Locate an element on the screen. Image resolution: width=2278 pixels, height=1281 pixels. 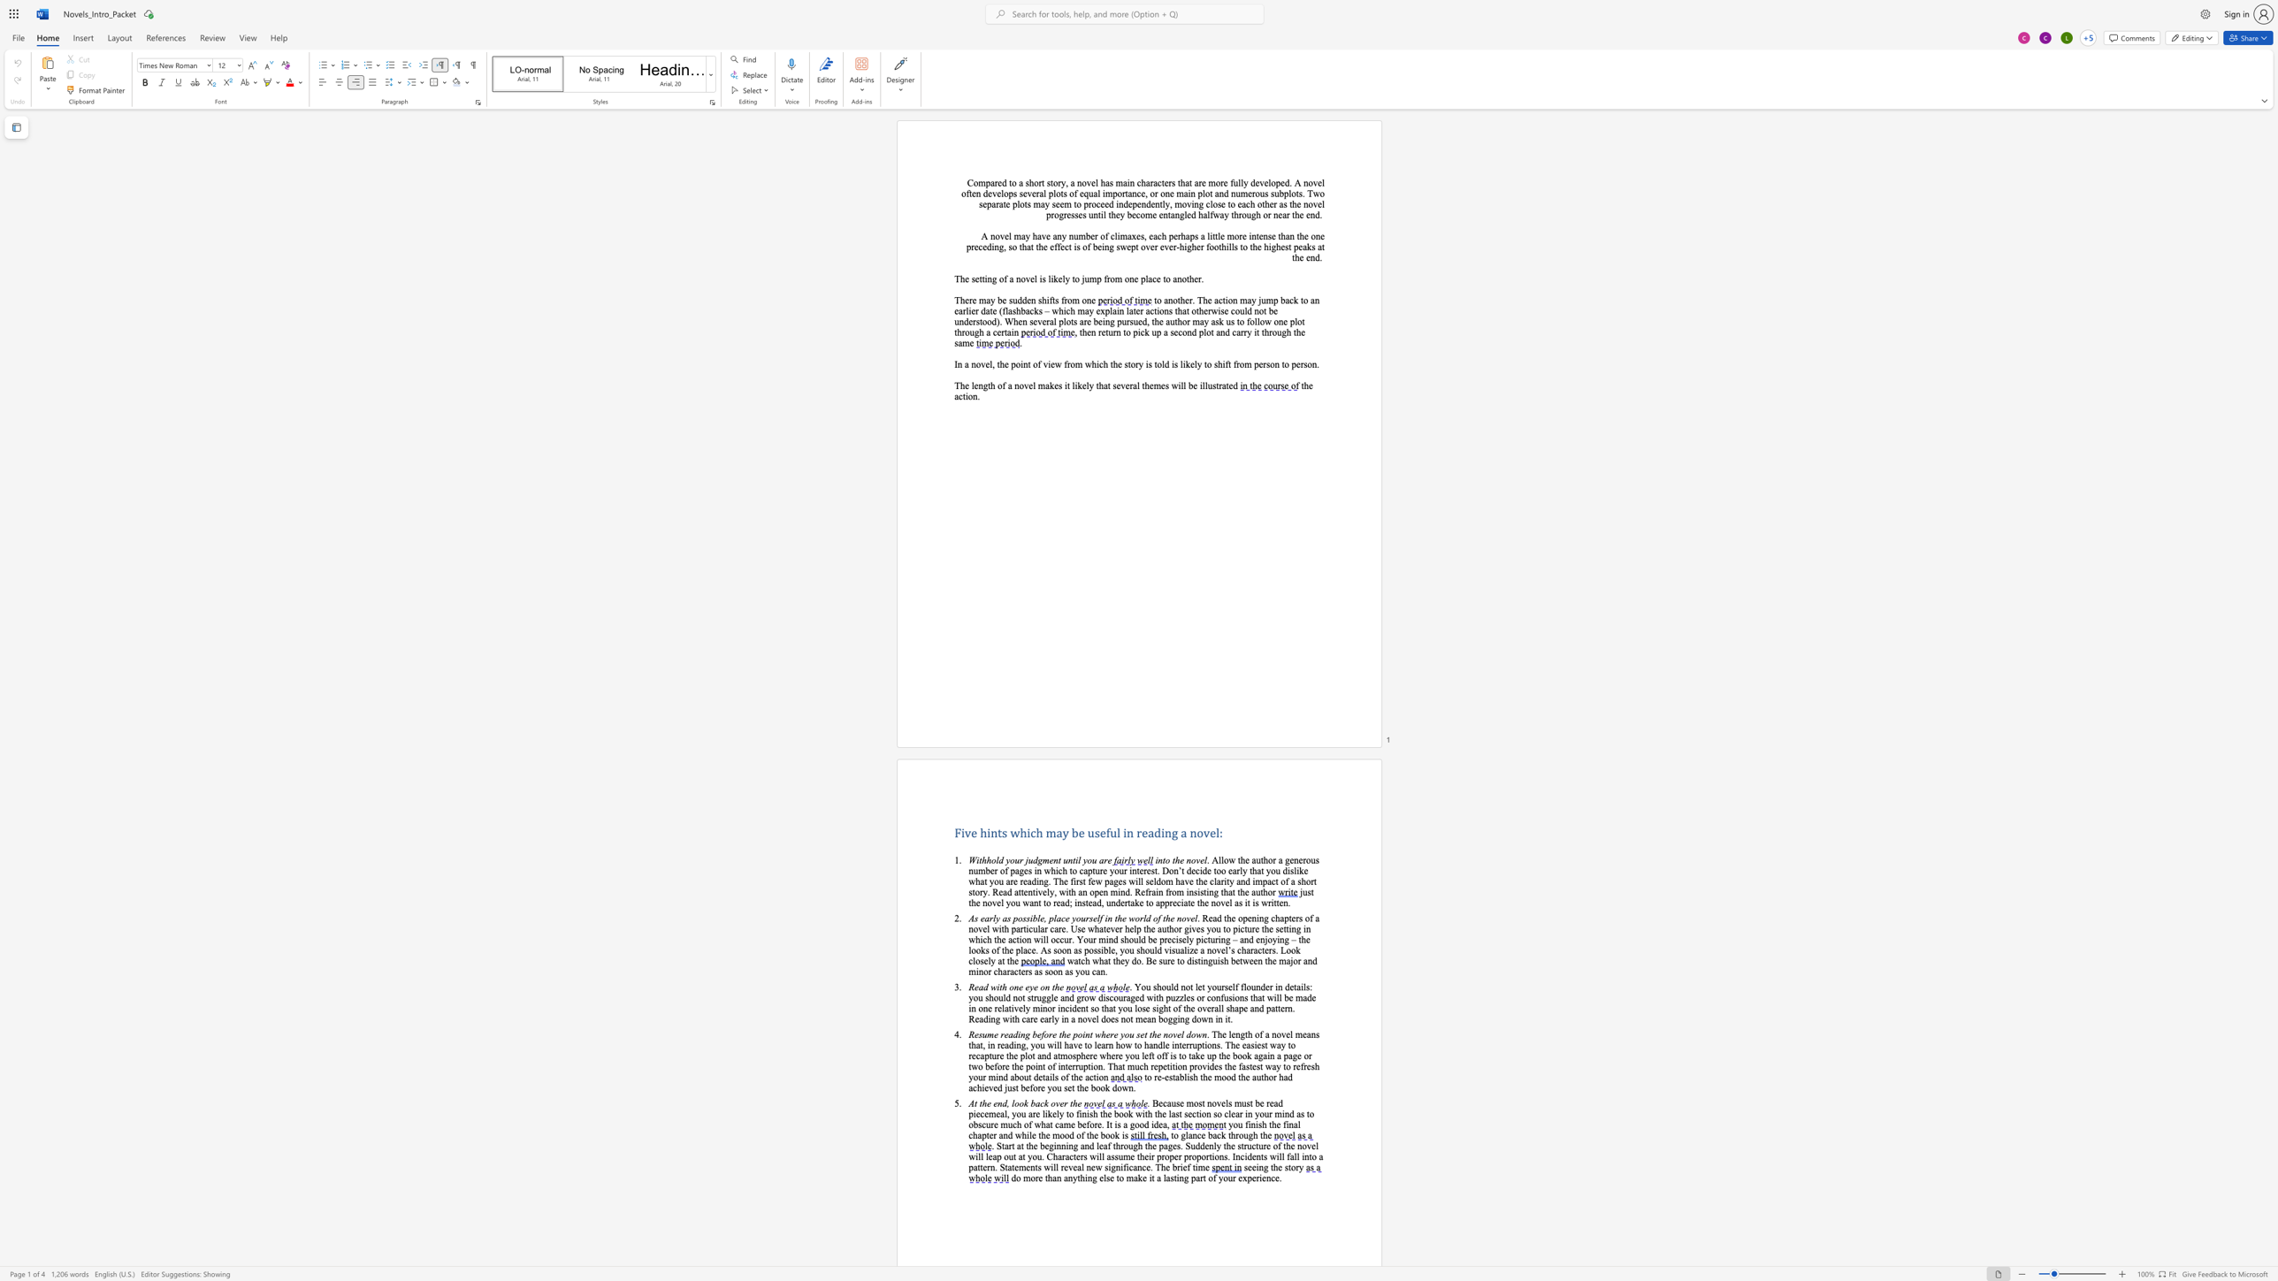
the 3th character "t" in the text is located at coordinates (1097, 385).